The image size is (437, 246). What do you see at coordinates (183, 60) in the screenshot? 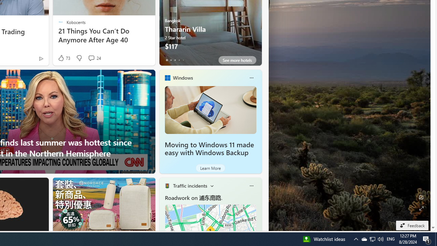
I see `'tab-4'` at bounding box center [183, 60].